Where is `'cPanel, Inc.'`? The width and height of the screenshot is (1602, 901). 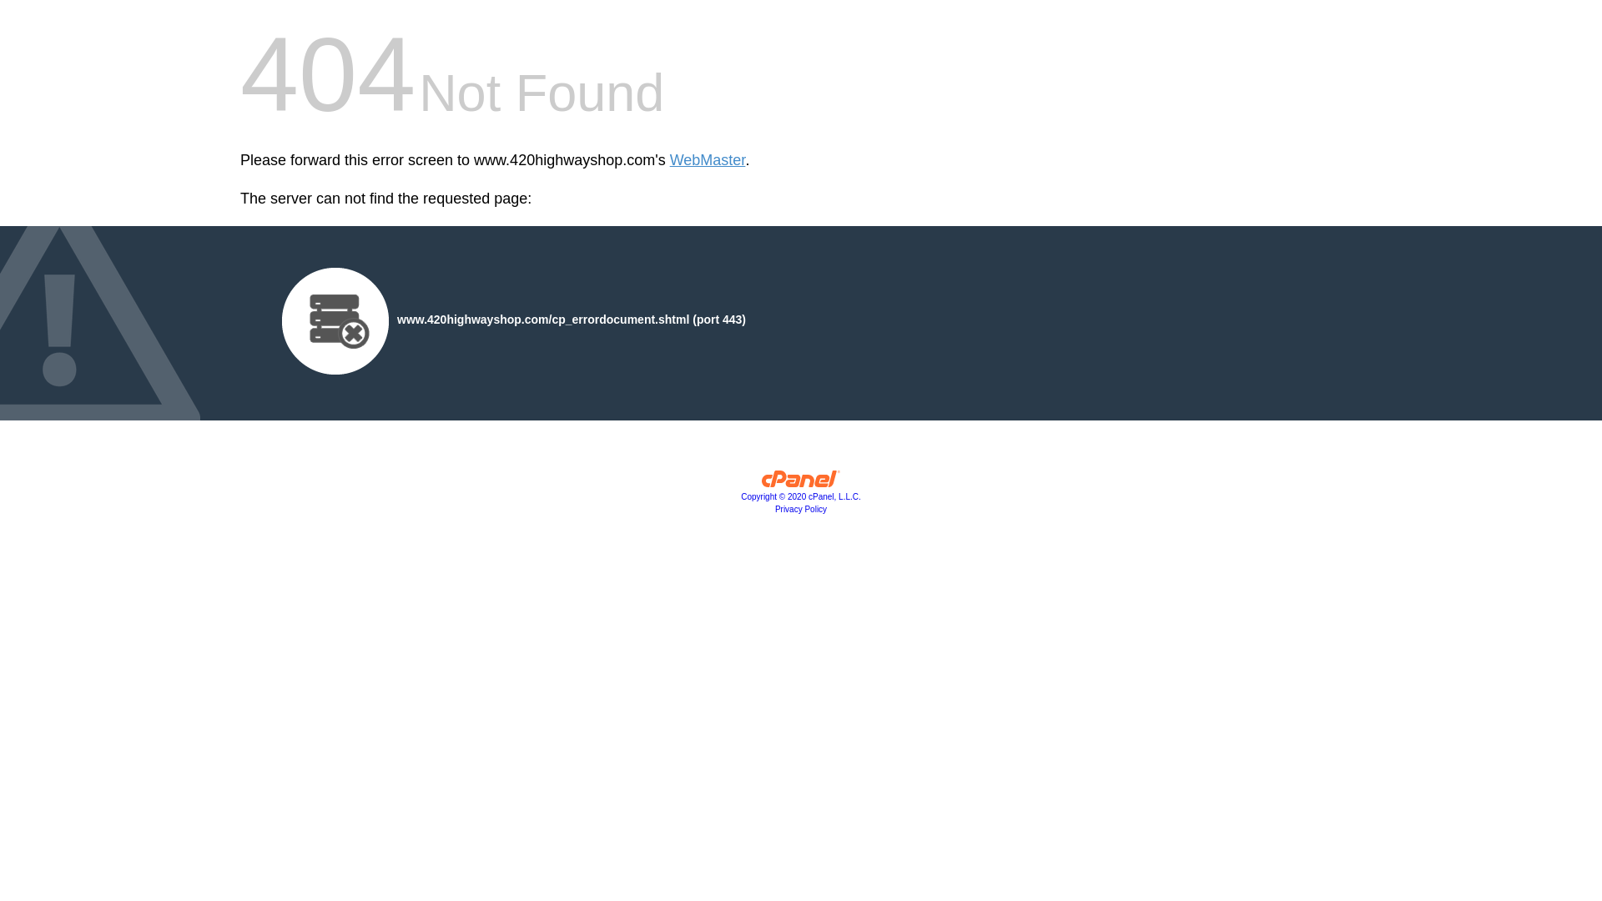 'cPanel, Inc.' is located at coordinates (801, 482).